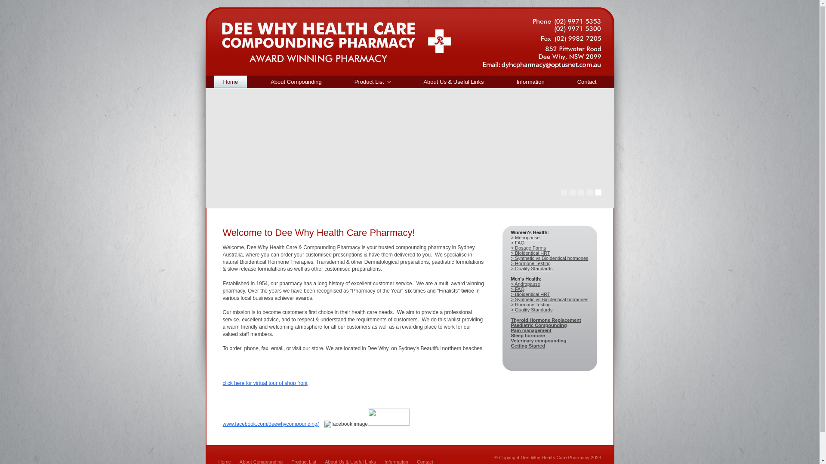  Describe the element at coordinates (261, 82) in the screenshot. I see `'About Compounding'` at that location.